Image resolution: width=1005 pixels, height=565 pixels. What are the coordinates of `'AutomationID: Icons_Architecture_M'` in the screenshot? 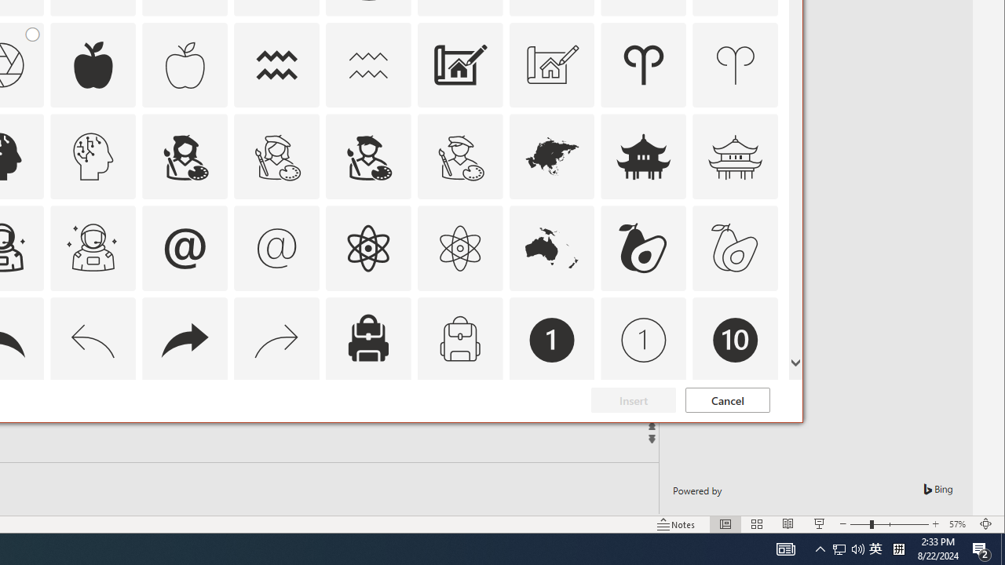 It's located at (551, 64).